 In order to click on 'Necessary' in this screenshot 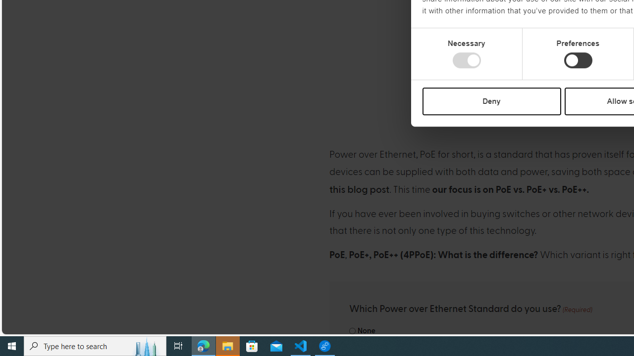, I will do `click(466, 60)`.